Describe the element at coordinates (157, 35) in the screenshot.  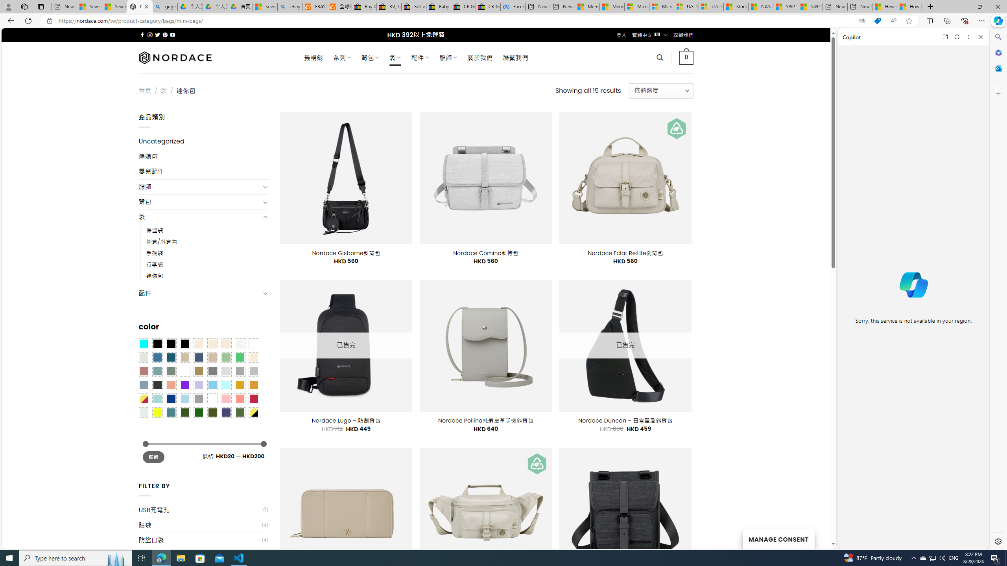
I see `'Follow on Twitter'` at that location.